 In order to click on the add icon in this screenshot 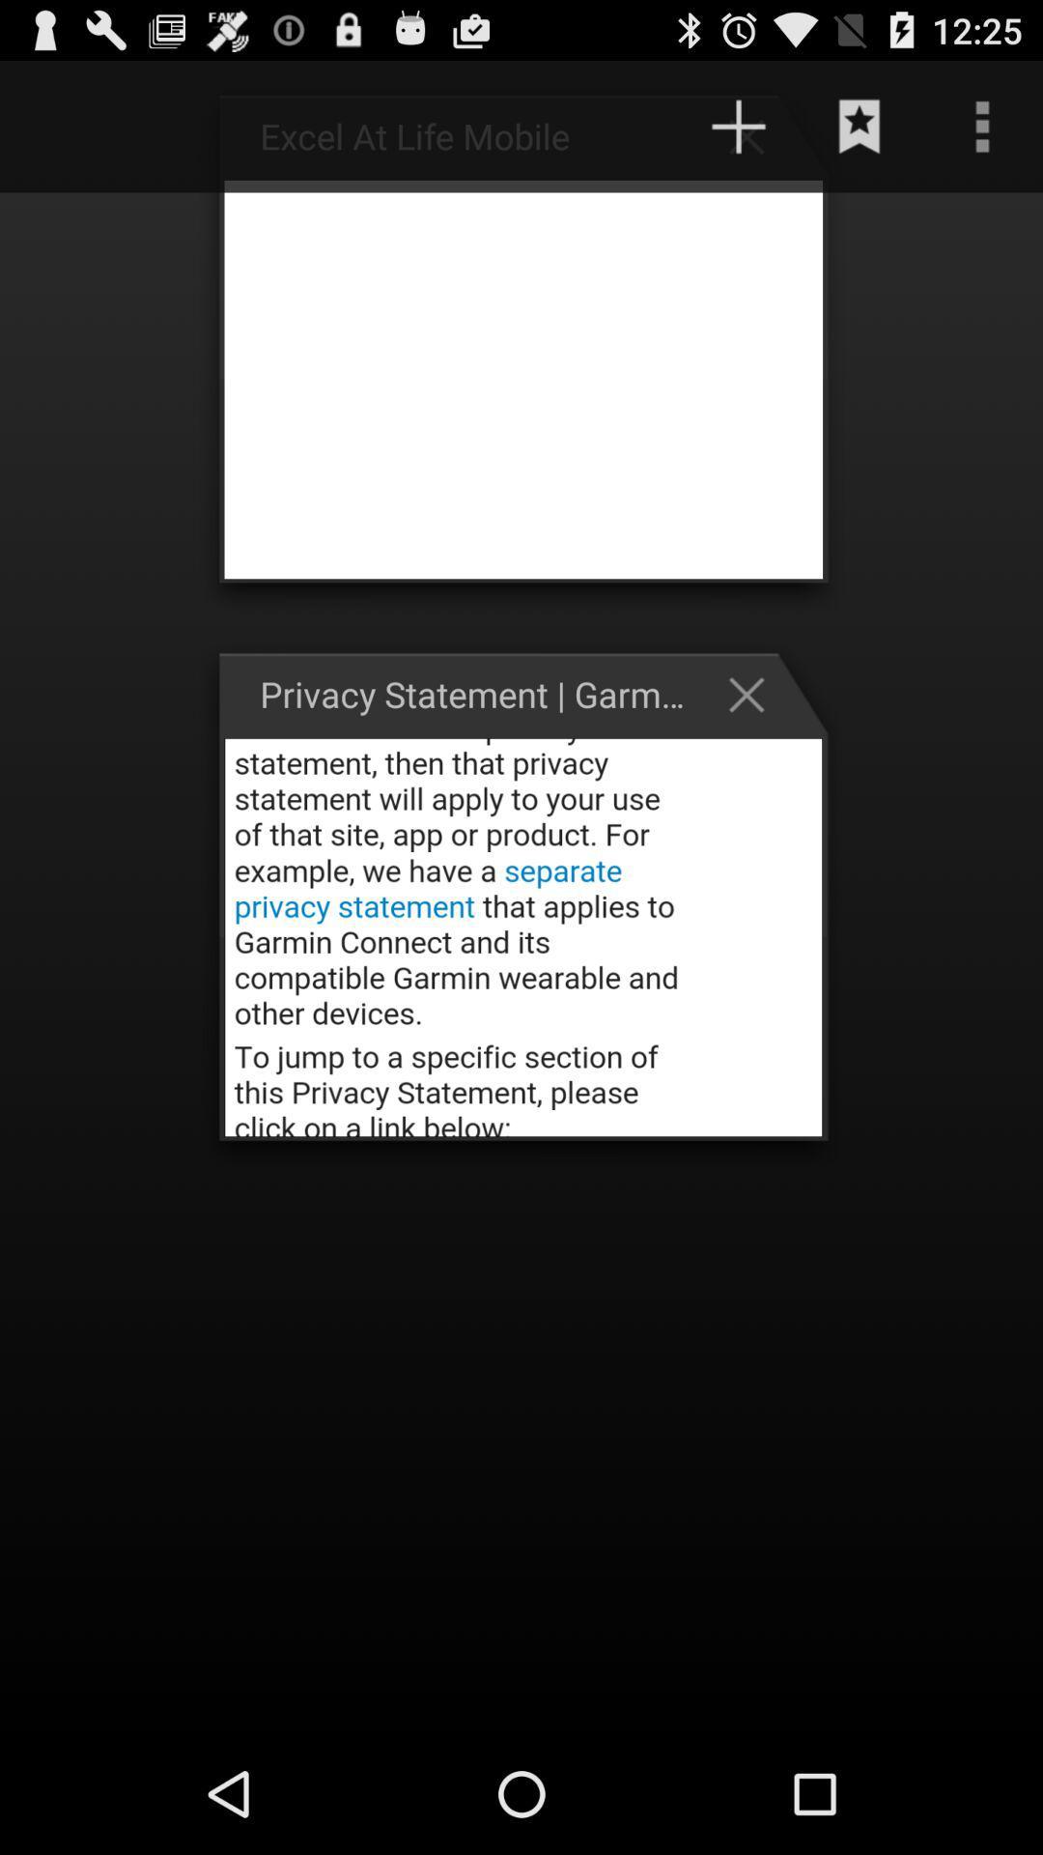, I will do `click(738, 134)`.